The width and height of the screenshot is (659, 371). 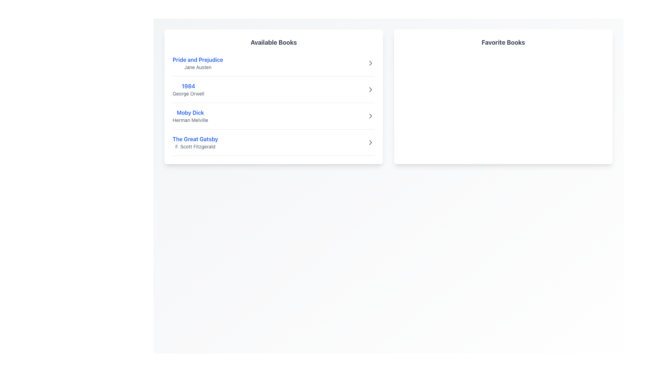 What do you see at coordinates (273, 42) in the screenshot?
I see `title 'Available Books' displayed in bold, medium-sized text at the top center of the card layout` at bounding box center [273, 42].